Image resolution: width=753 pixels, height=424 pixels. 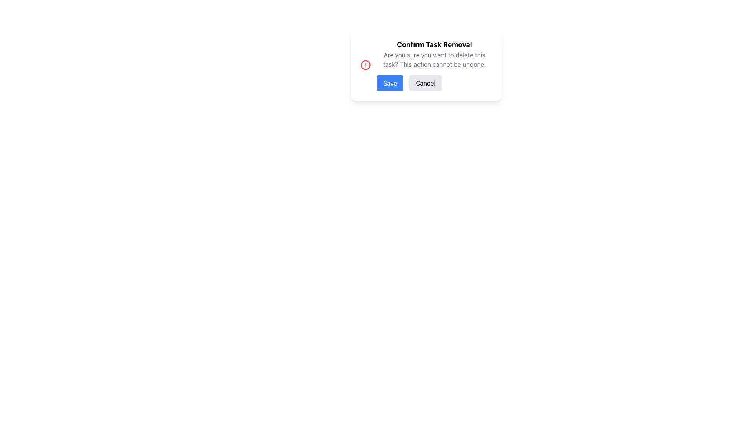 I want to click on the 'Cancel' button in the Button Group located at the bottom of the 'Confirm Task Removal' dialog, so click(x=434, y=83).